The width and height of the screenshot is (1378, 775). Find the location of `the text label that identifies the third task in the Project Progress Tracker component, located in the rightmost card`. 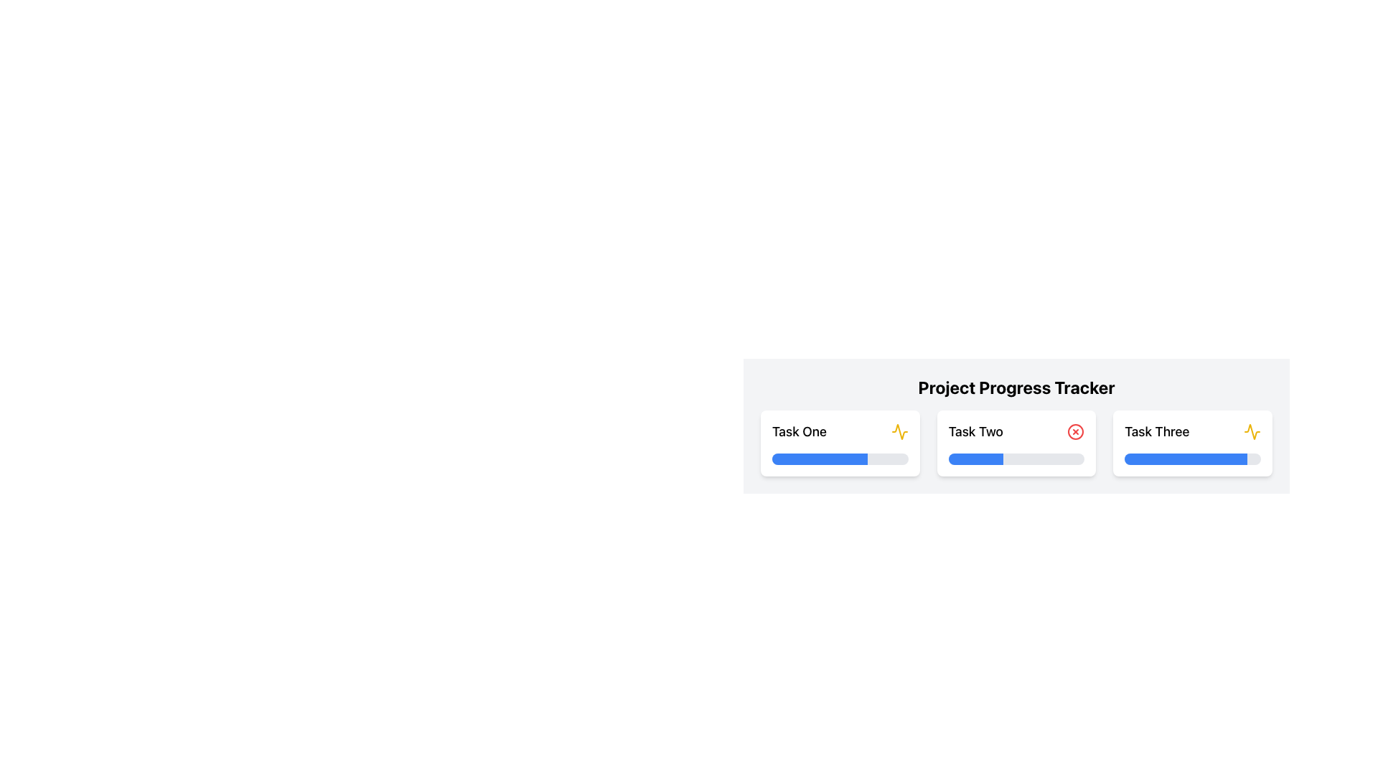

the text label that identifies the third task in the Project Progress Tracker component, located in the rightmost card is located at coordinates (1157, 431).